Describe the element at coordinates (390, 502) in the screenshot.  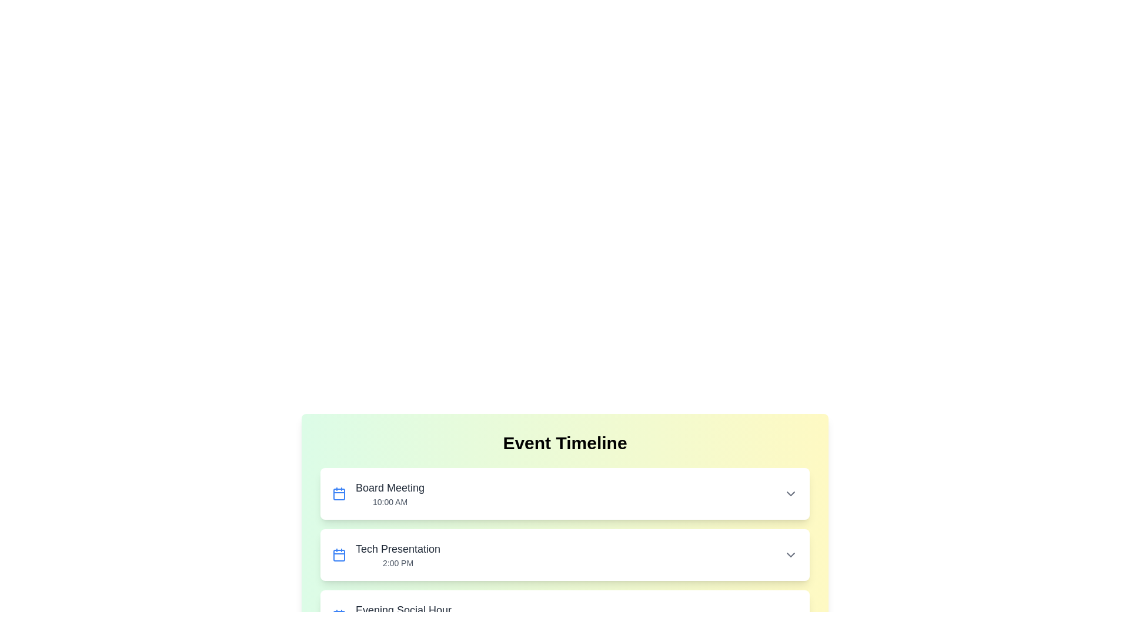
I see `the non-interactive Text Label that displays the timing information for the 'Board Meeting' event, which is located beneath the 'Board Meeting' title in the Event Timeline section` at that location.